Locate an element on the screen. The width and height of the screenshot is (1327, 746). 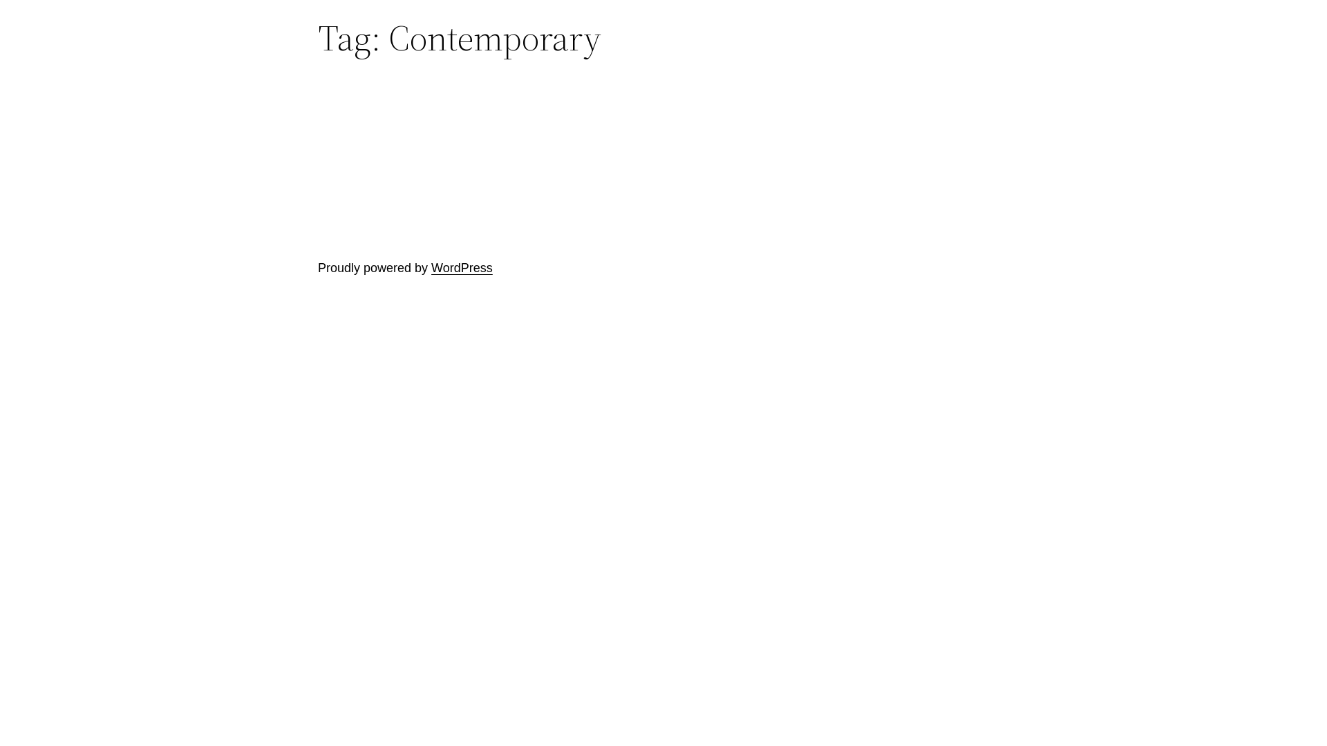
'WordPress' is located at coordinates (462, 268).